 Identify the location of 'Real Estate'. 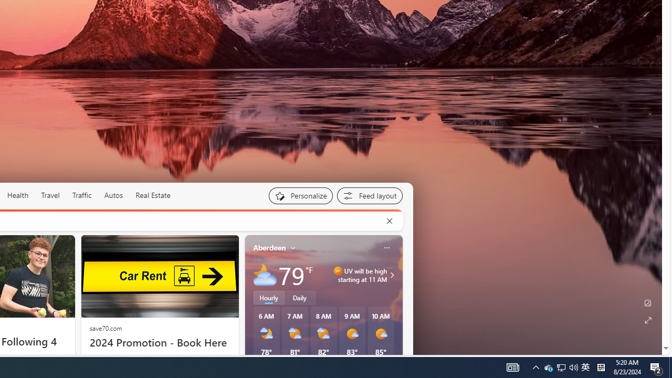
(152, 195).